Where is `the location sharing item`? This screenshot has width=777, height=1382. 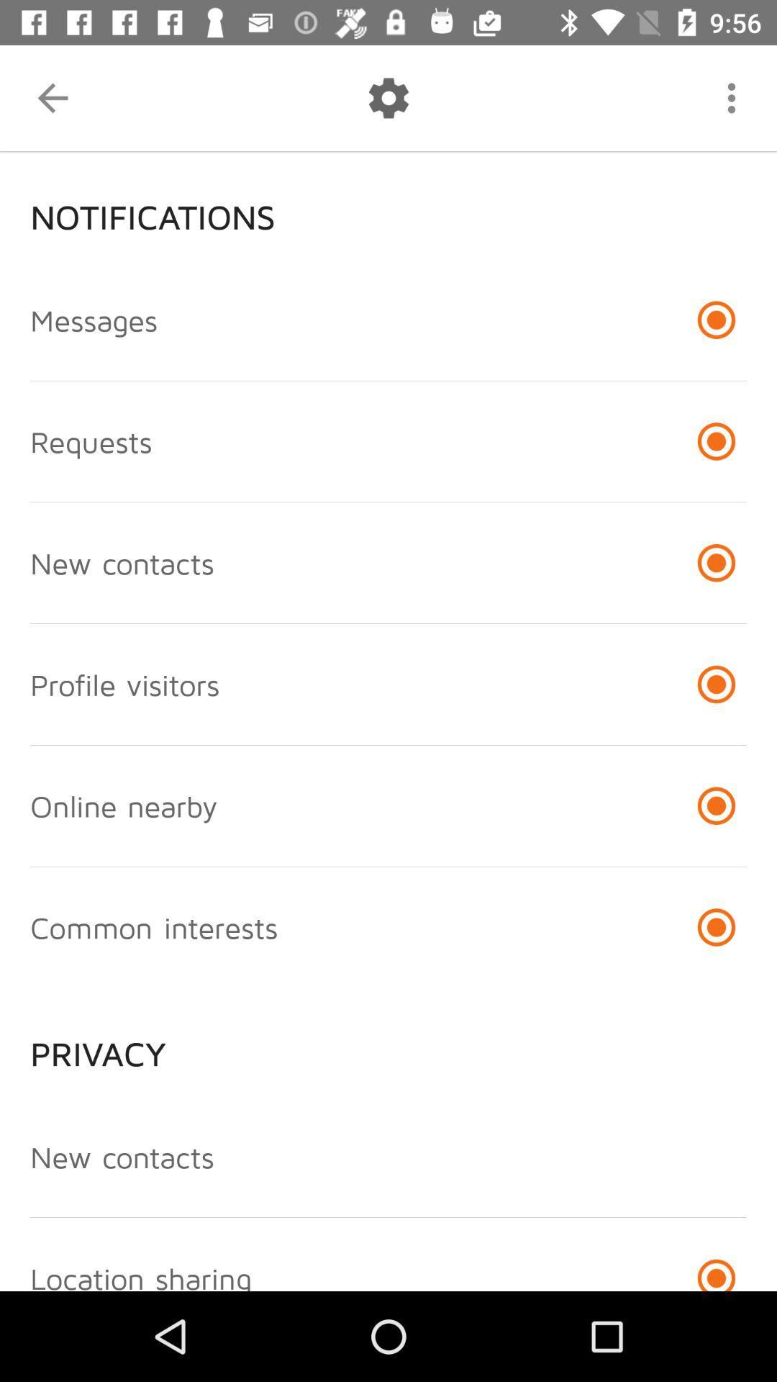 the location sharing item is located at coordinates (141, 1275).